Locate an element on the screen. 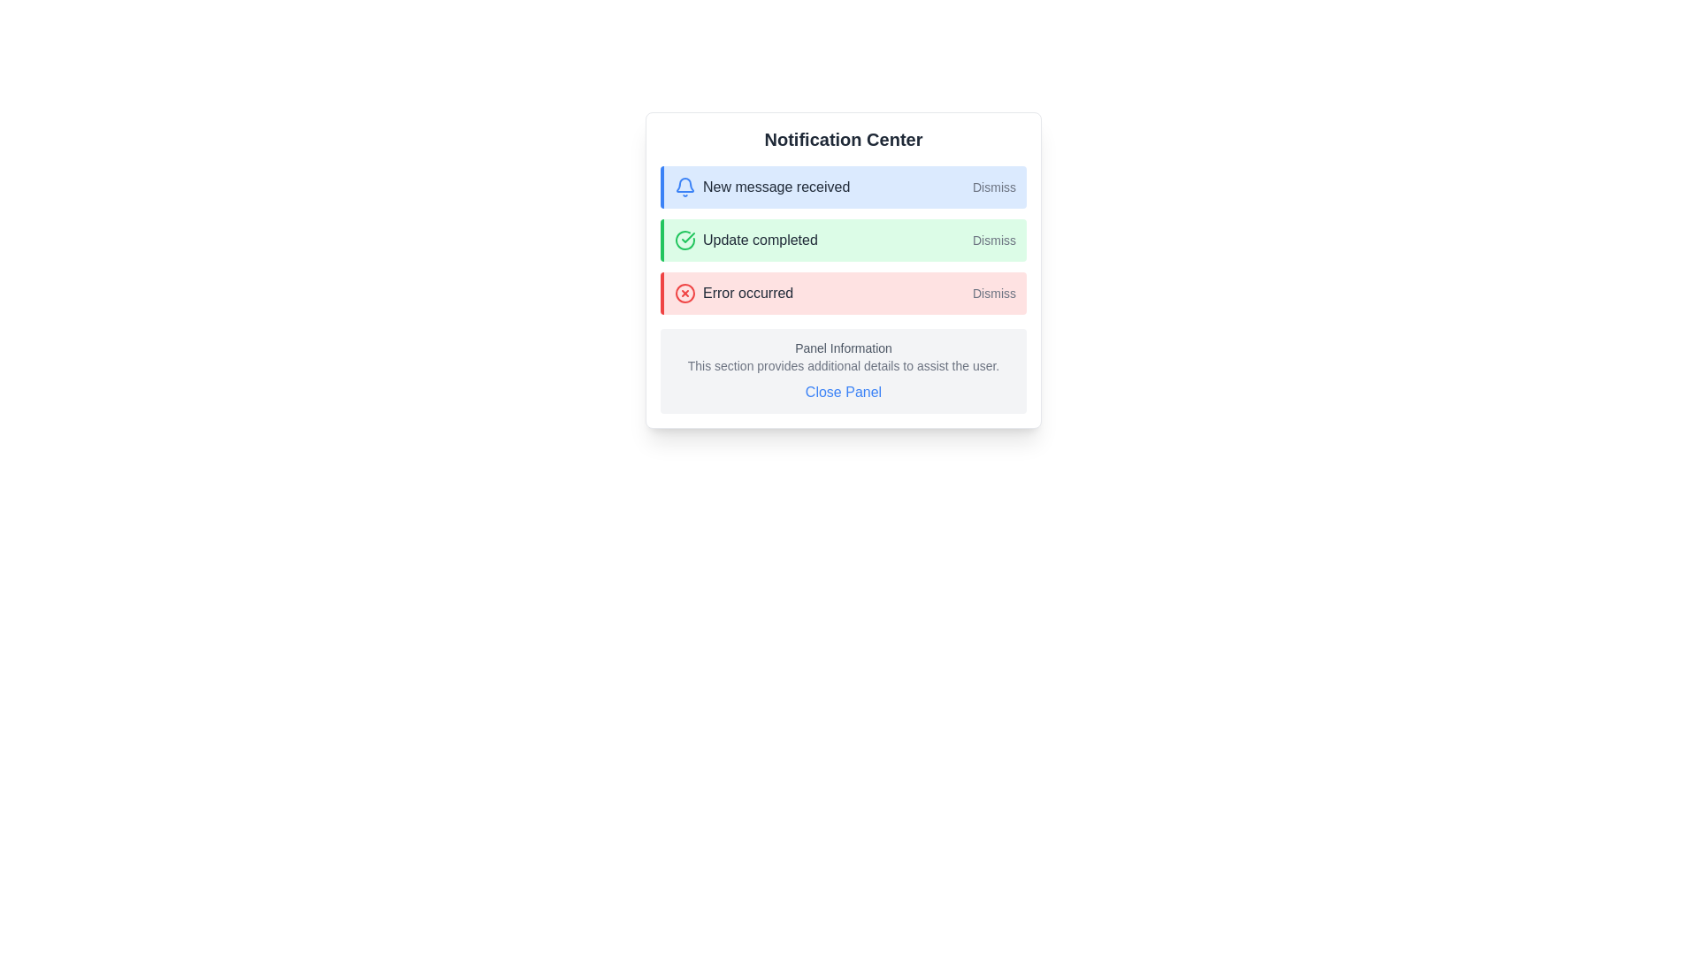 Image resolution: width=1698 pixels, height=955 pixels. the leftmost notification icon in the 'New message received' entry for additional interactions is located at coordinates (684, 187).